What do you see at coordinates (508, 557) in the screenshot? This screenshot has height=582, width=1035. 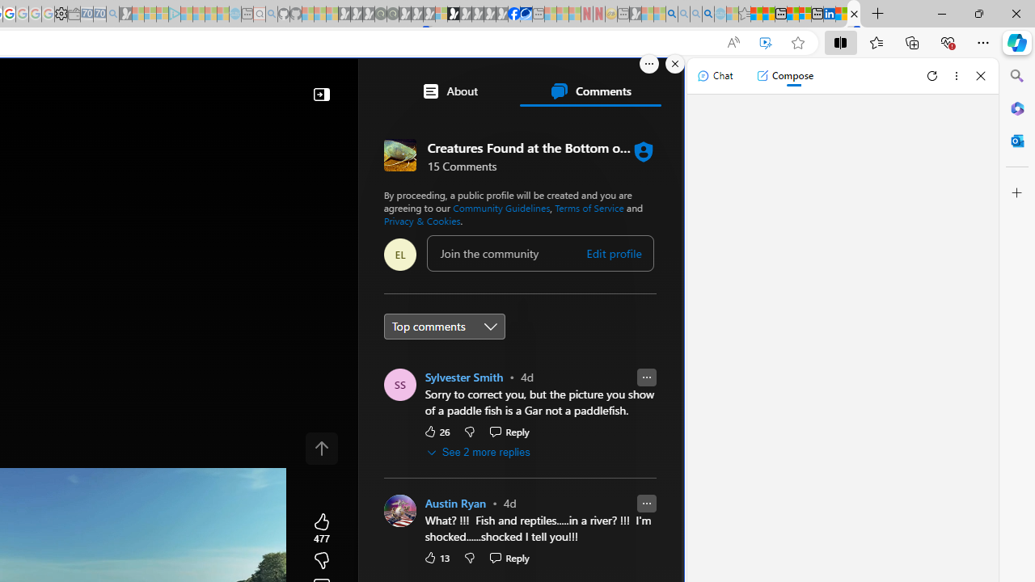 I see `'Reply Reply Comment'` at bounding box center [508, 557].